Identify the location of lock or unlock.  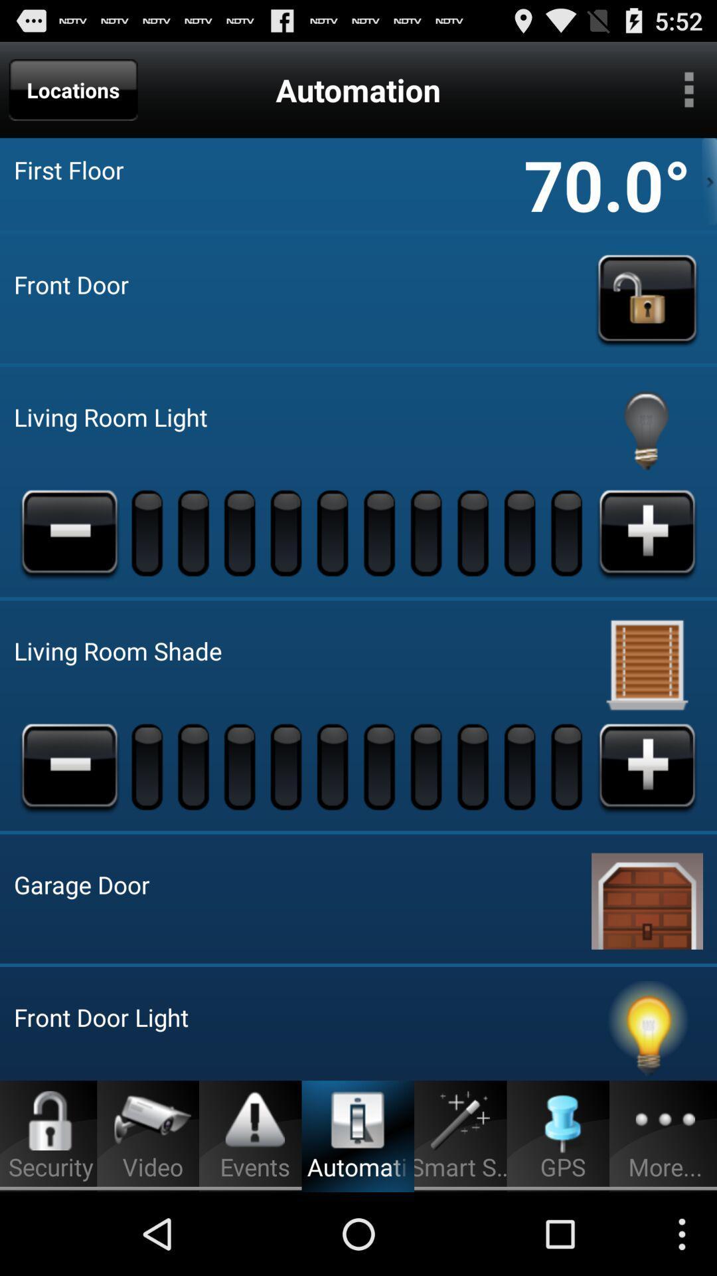
(647, 298).